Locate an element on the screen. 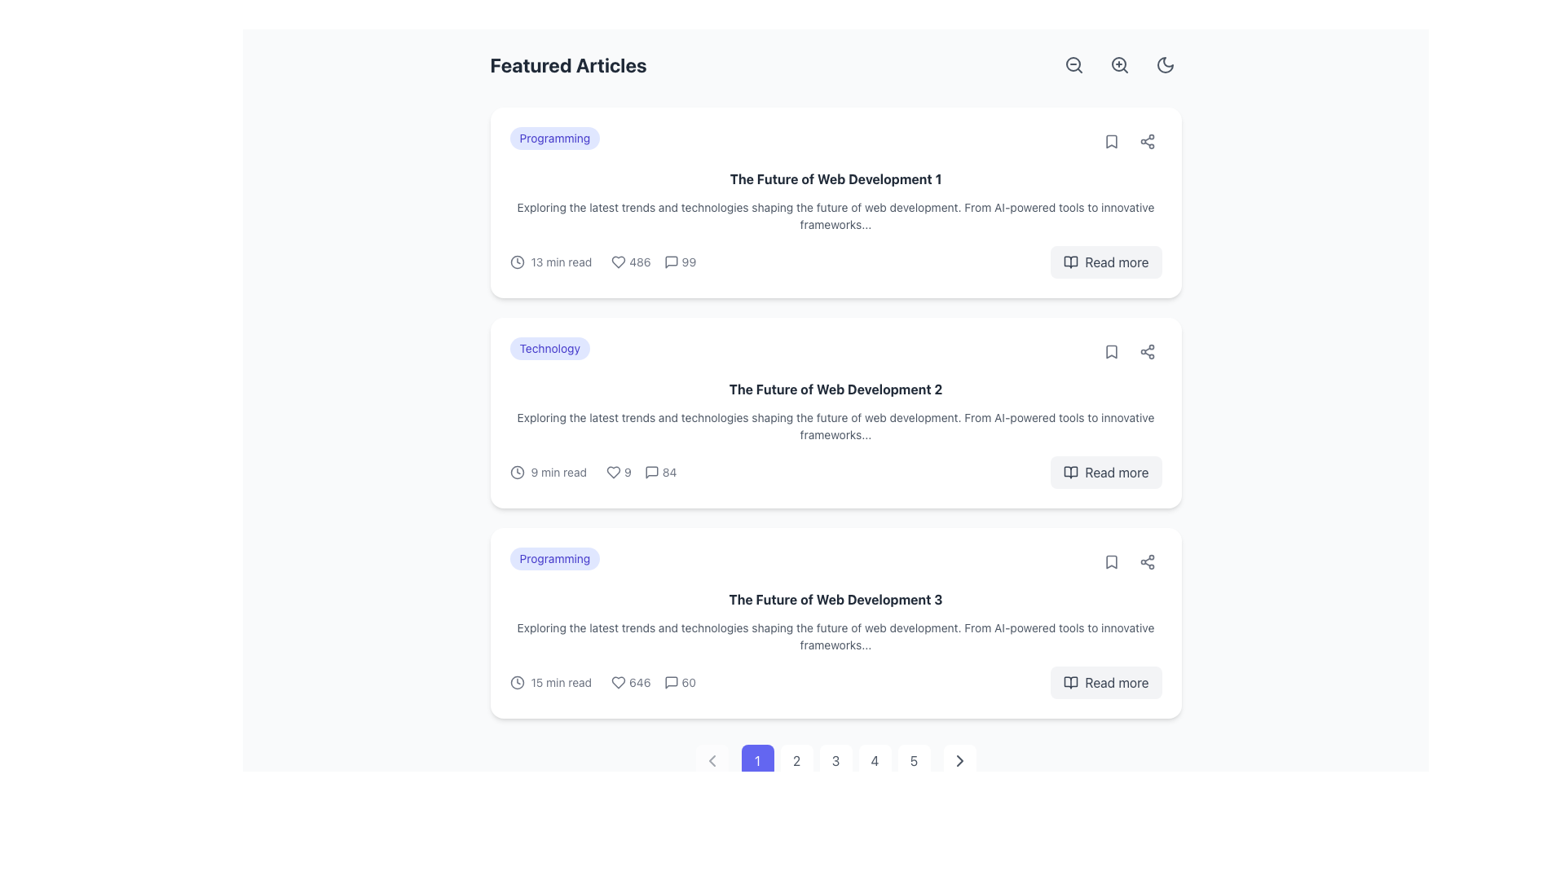 The width and height of the screenshot is (1565, 880). the open book icon, which is styled to match the surrounding text and positioned next to the 'Read more' button in the second card of the article list is located at coordinates (1071, 472).